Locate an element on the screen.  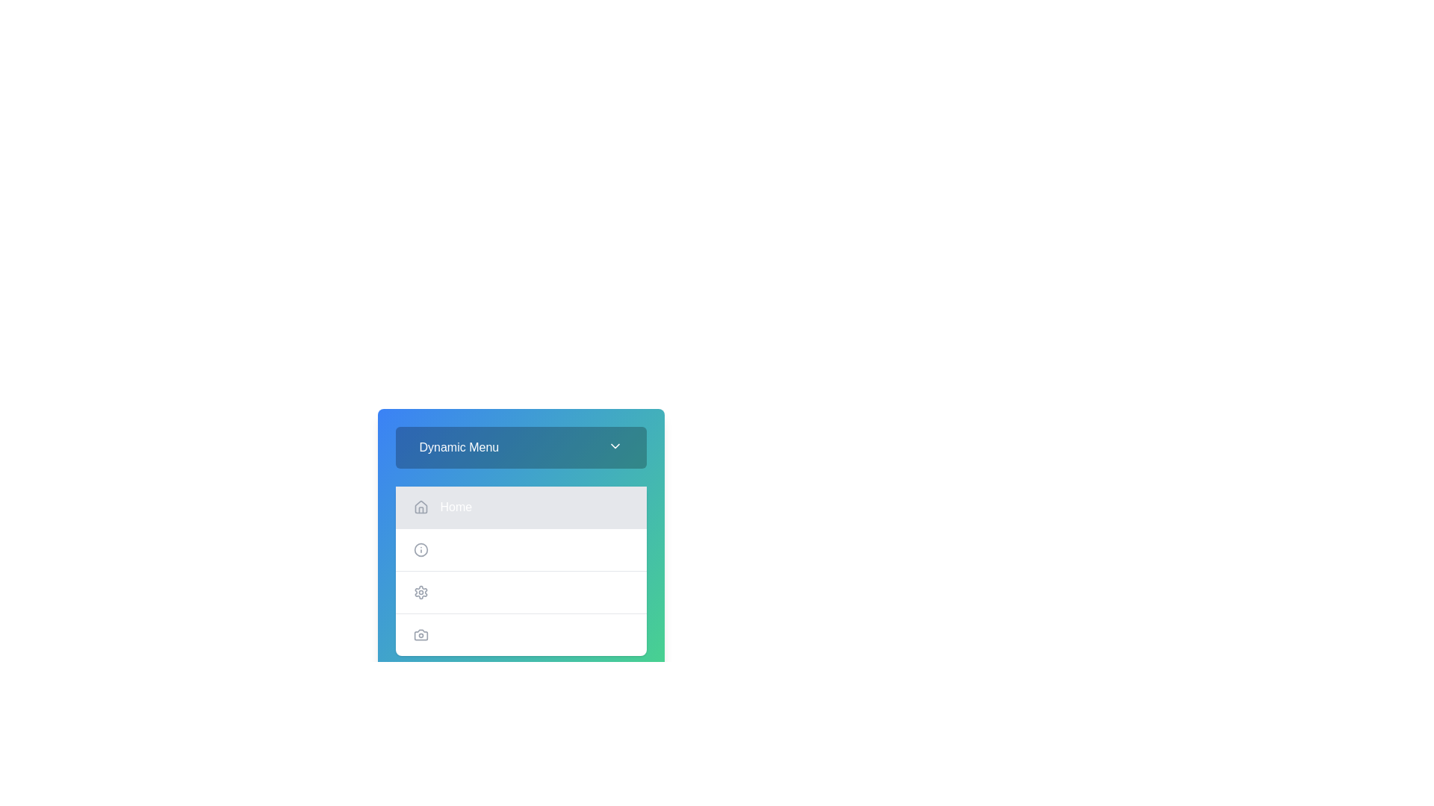
the 'information' icon located in the left section of the 'Information' row within a vertical list-style menu, positioned below 'Home' and above the cogwheel icon is located at coordinates (420, 549).